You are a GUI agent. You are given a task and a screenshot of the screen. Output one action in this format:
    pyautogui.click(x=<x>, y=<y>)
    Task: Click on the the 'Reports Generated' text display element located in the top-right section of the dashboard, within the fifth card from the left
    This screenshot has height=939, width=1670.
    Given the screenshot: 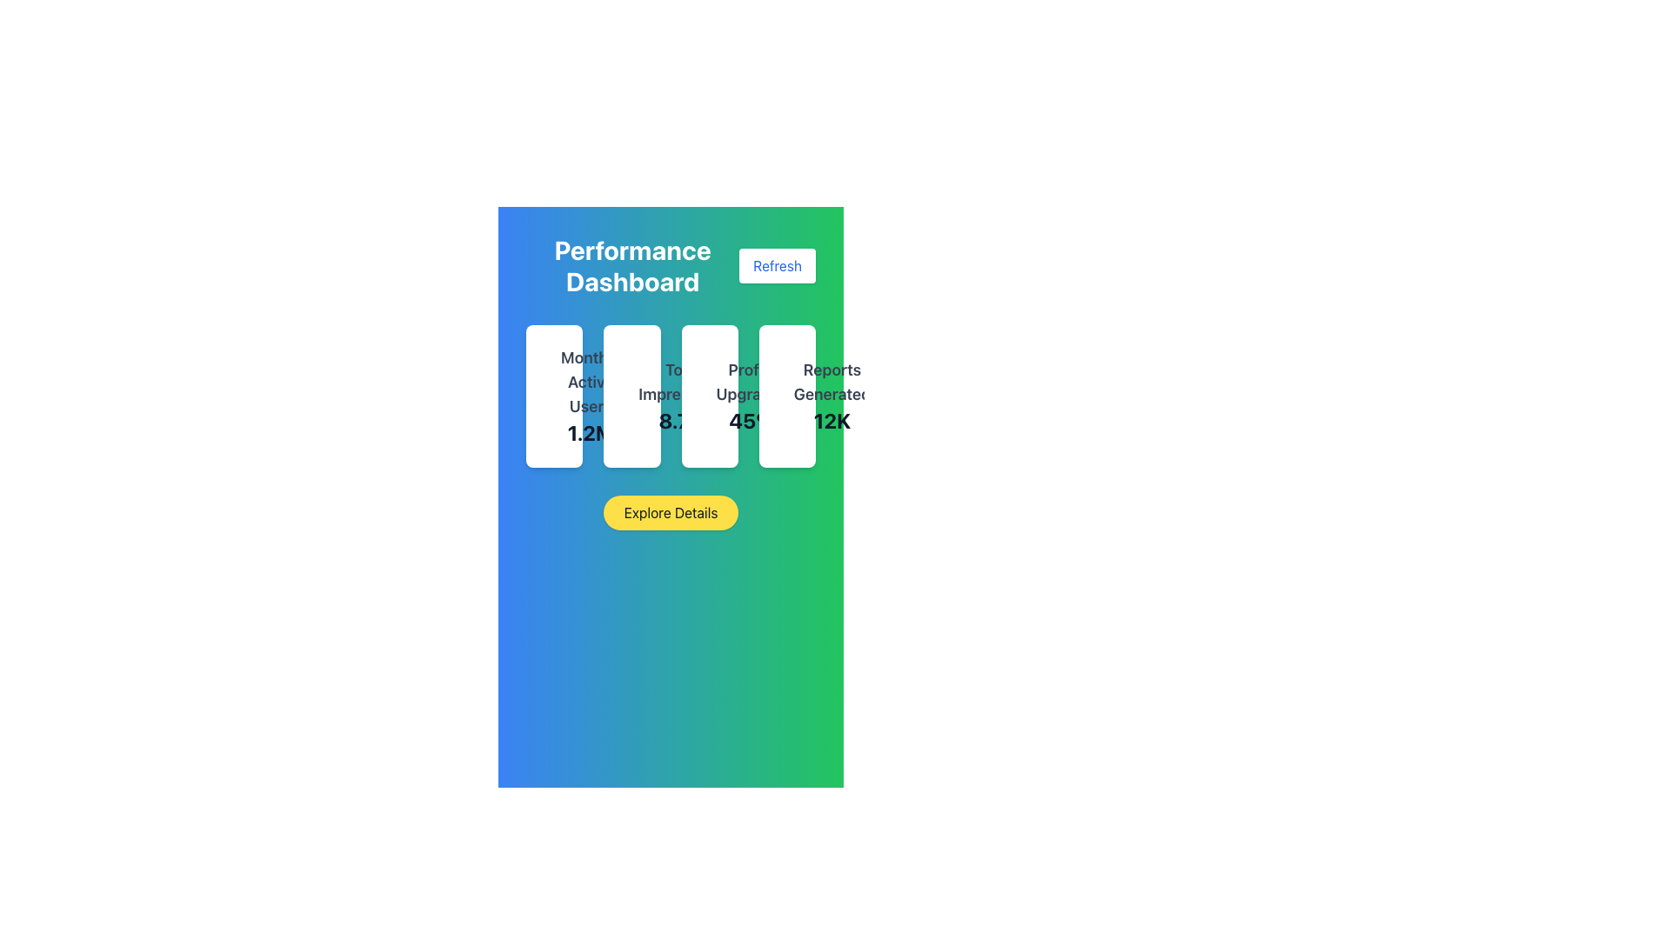 What is the action you would take?
    pyautogui.click(x=831, y=396)
    